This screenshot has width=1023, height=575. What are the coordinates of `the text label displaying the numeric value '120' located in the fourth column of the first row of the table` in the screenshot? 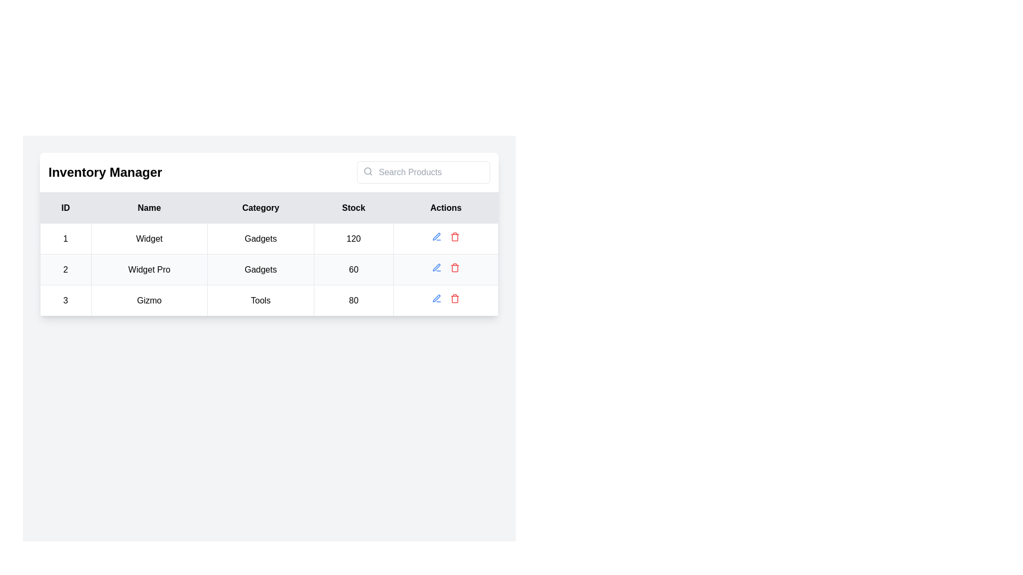 It's located at (353, 238).